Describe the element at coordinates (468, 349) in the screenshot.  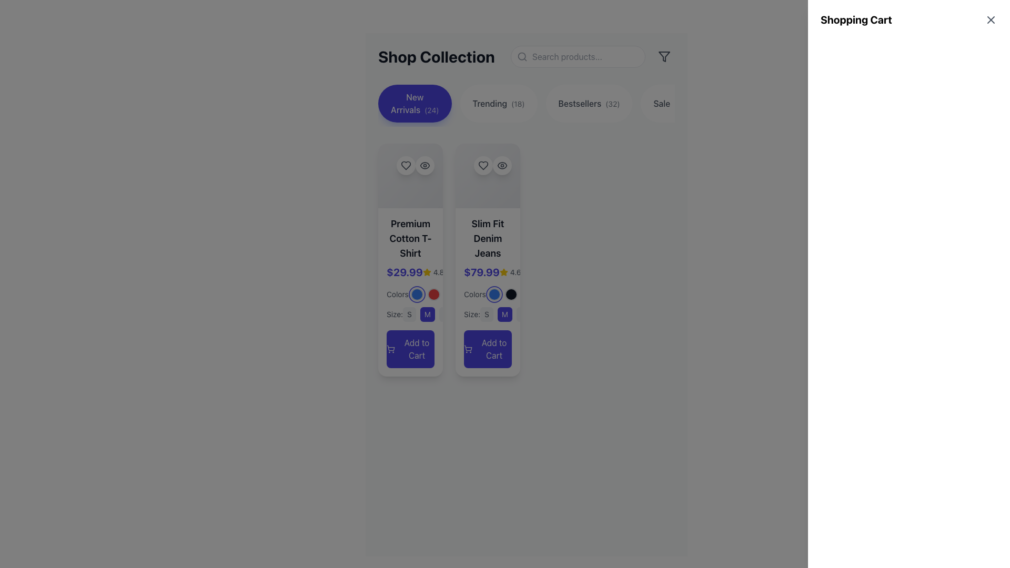
I see `the small shopping cart icon located on the left edge of the 'Add to Cart' button for the product 'Slim Fit Denim Jeans'` at that location.